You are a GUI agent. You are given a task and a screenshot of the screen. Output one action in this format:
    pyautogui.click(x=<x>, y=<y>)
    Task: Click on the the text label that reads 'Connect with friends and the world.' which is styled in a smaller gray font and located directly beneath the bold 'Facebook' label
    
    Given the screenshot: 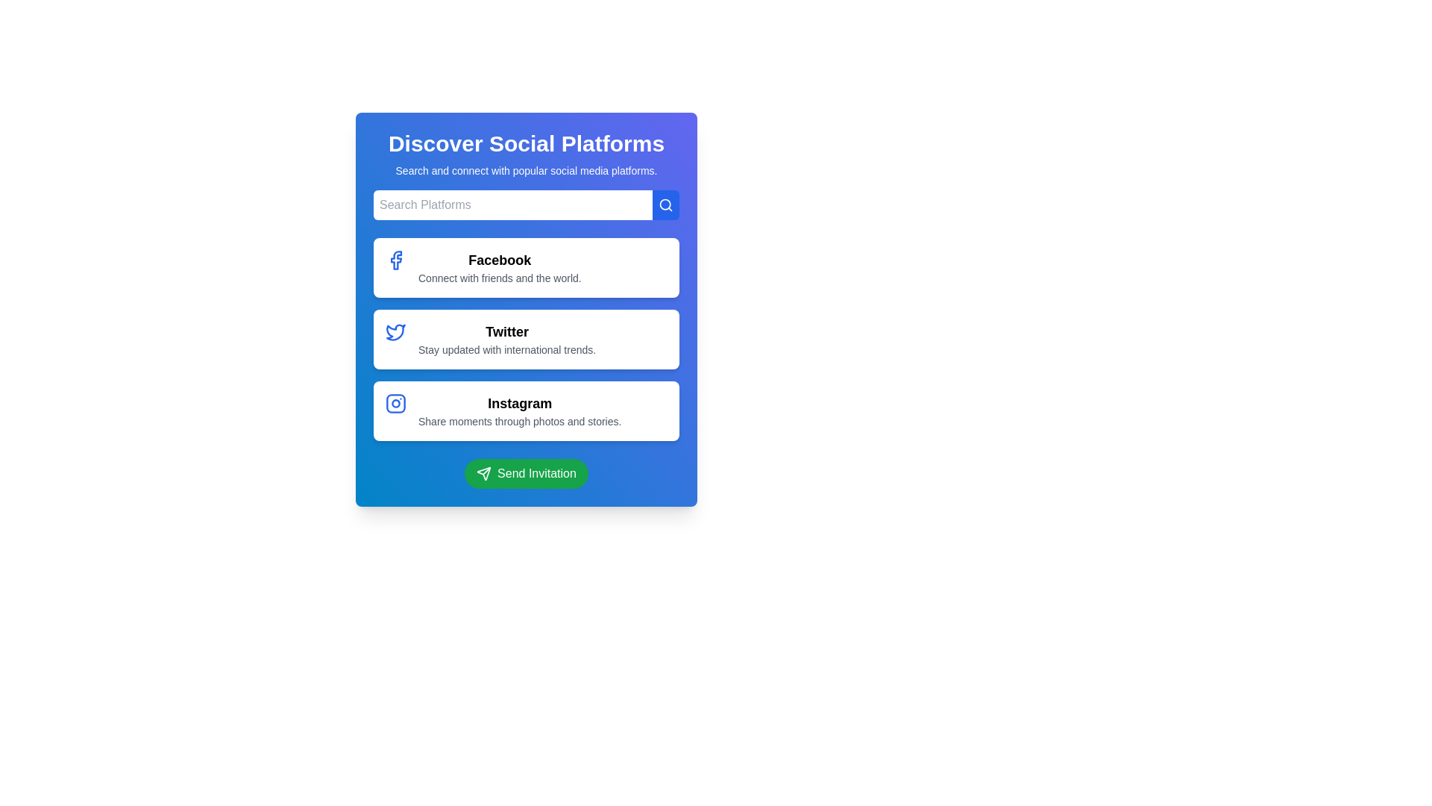 What is the action you would take?
    pyautogui.click(x=500, y=278)
    